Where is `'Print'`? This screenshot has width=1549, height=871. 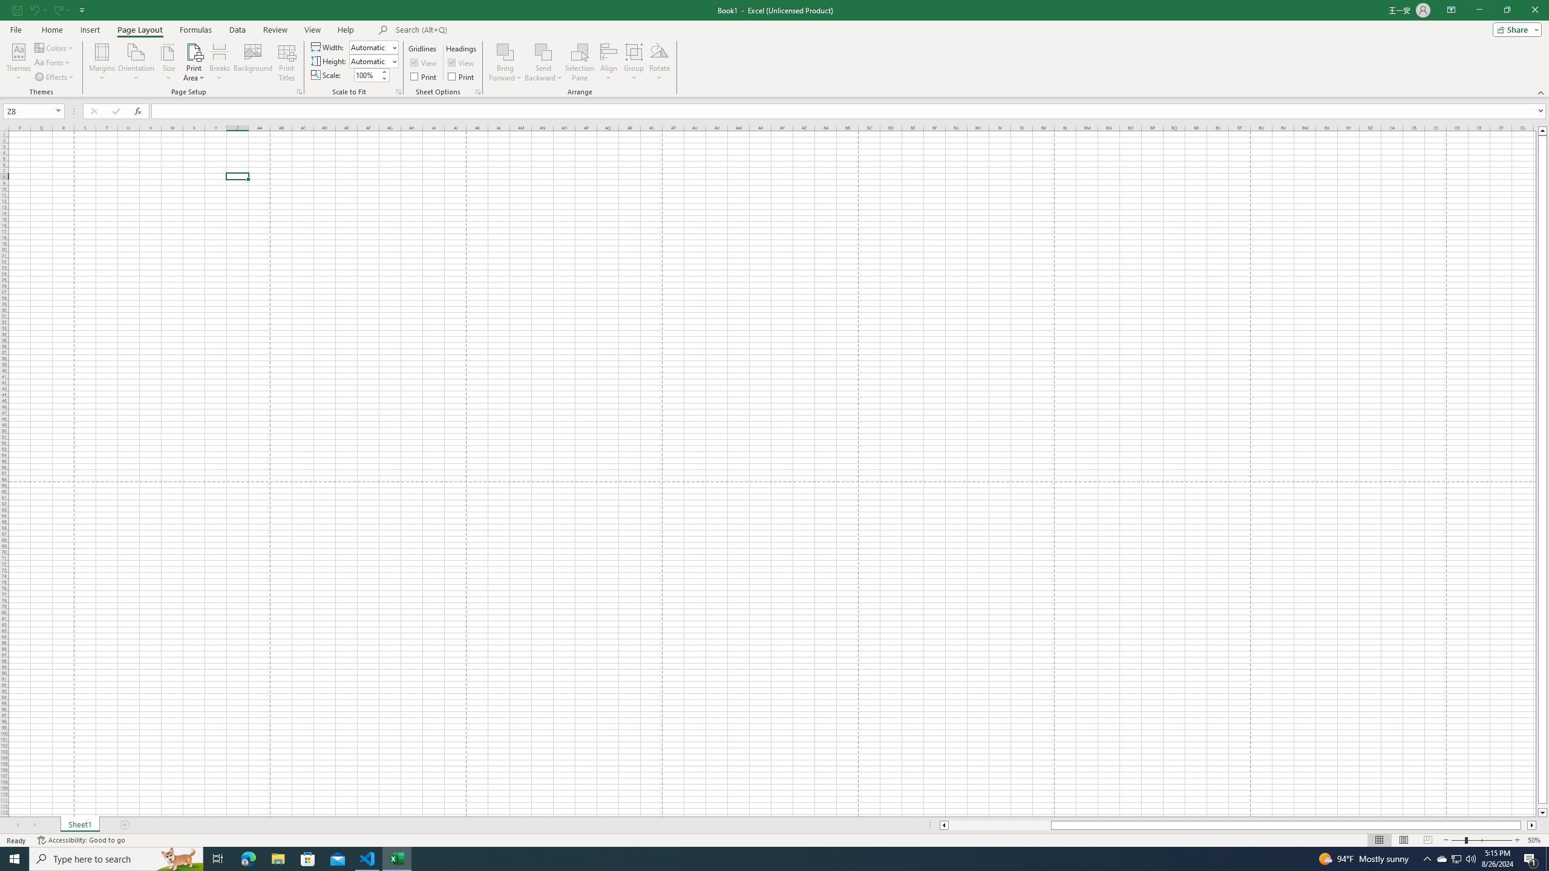
'Print' is located at coordinates (462, 76).